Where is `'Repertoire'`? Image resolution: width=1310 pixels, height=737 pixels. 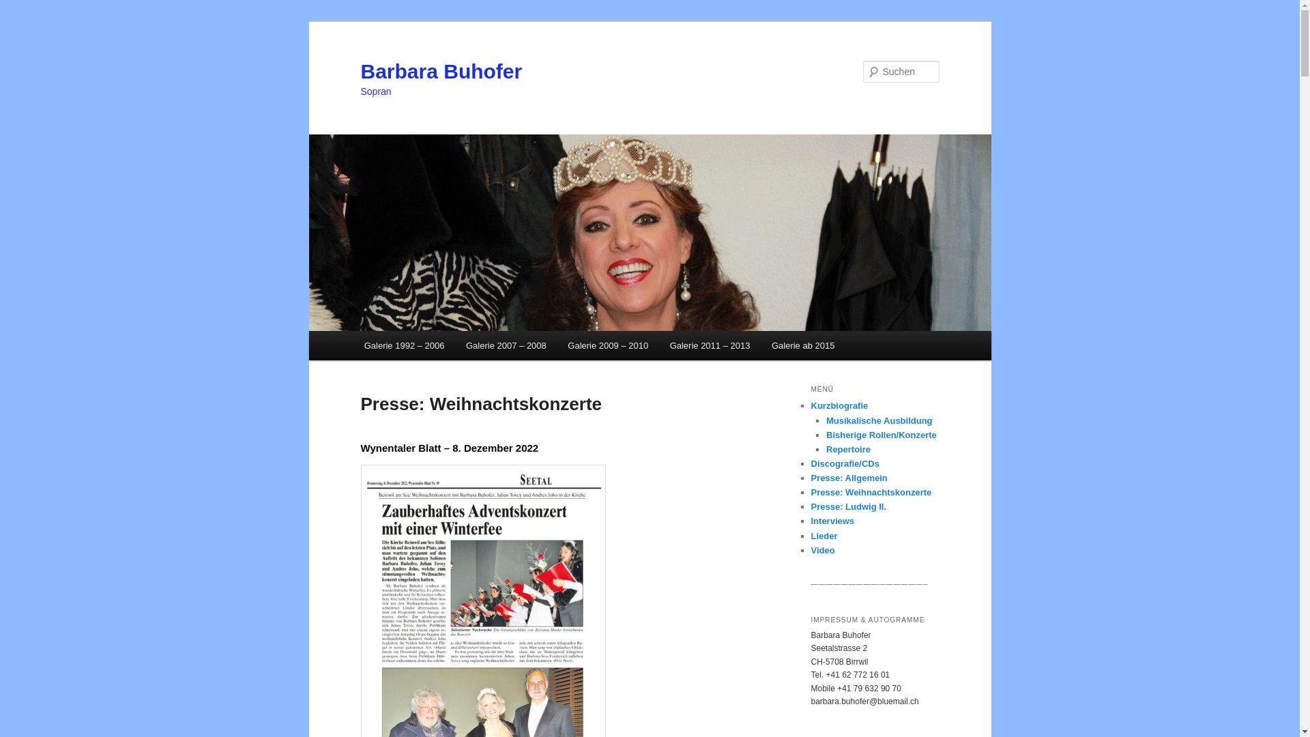 'Repertoire' is located at coordinates (847, 449).